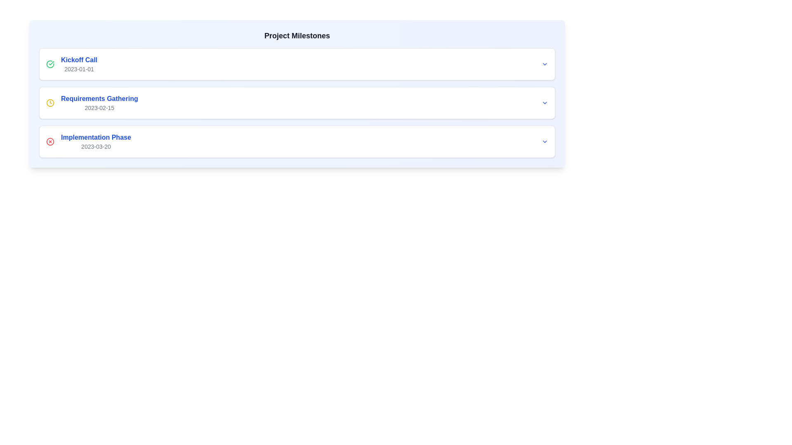  What do you see at coordinates (79, 63) in the screenshot?
I see `the text block displaying 'Kickoff Call' and '2023-01-01', which is styled in blue bold and smaller light gray text, located under 'Project Milestones'` at bounding box center [79, 63].